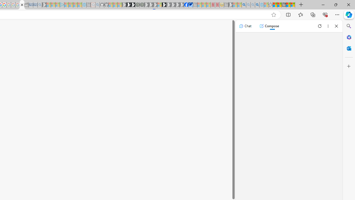 Image resolution: width=355 pixels, height=200 pixels. I want to click on 'Google Chrome Internet Browser Download - Search Images', so click(257, 5).